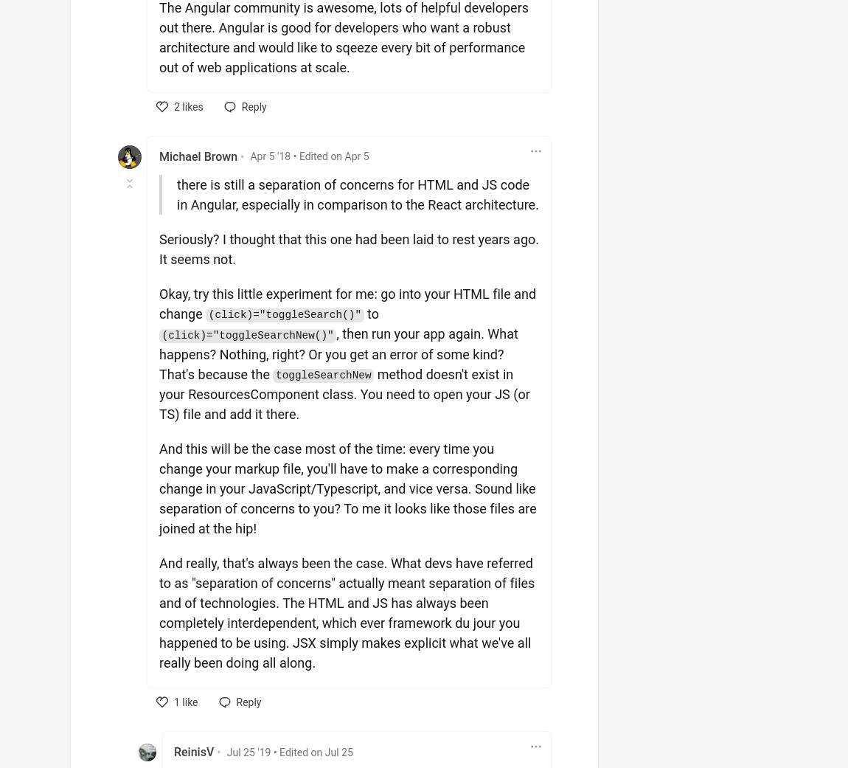 The height and width of the screenshot is (768, 848). Describe the element at coordinates (270, 156) in the screenshot. I see `'Apr 5 '18'` at that location.